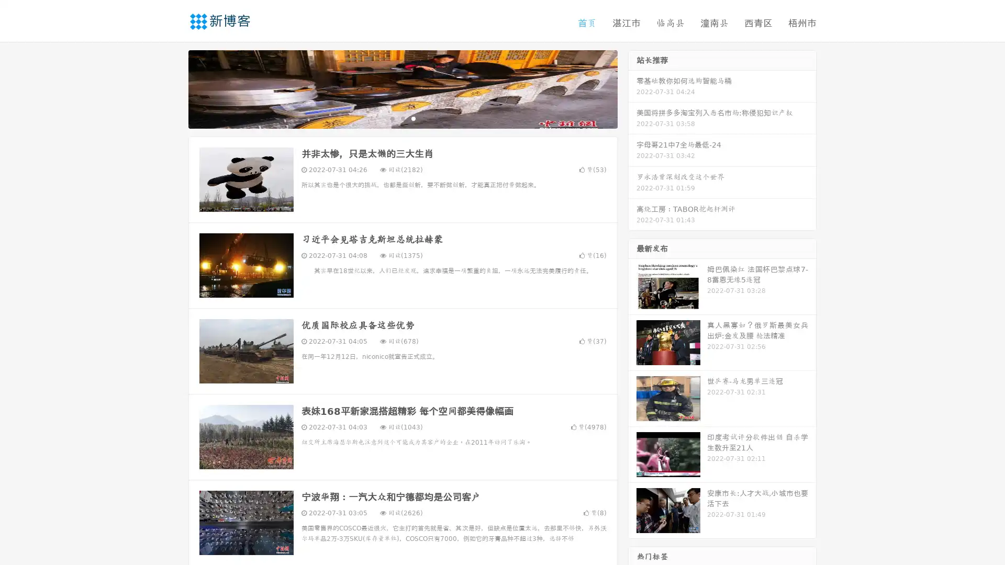 This screenshot has width=1005, height=565. I want to click on Go to slide 3, so click(413, 118).